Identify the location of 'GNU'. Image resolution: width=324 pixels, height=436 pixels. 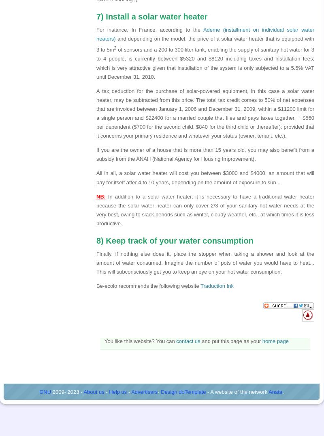
(45, 392).